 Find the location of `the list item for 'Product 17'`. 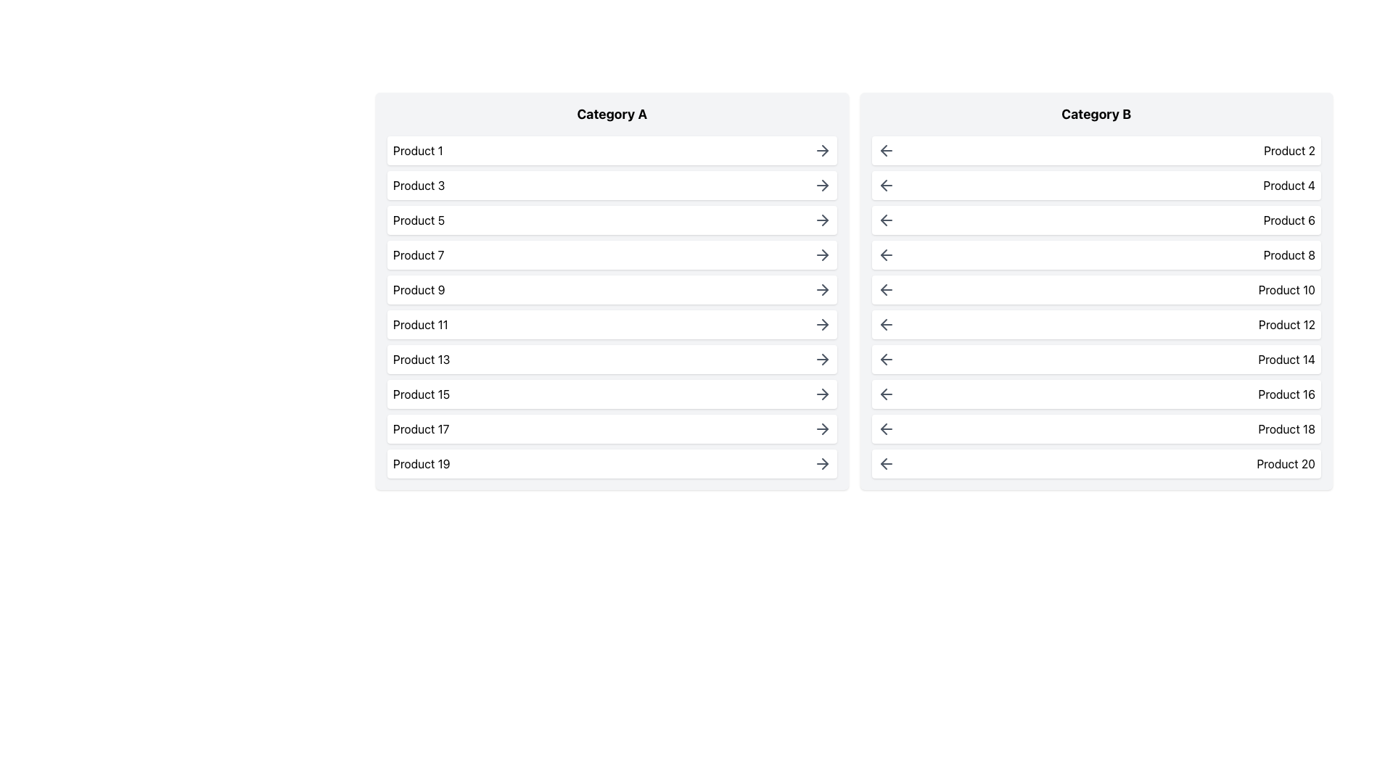

the list item for 'Product 17' is located at coordinates (612, 428).